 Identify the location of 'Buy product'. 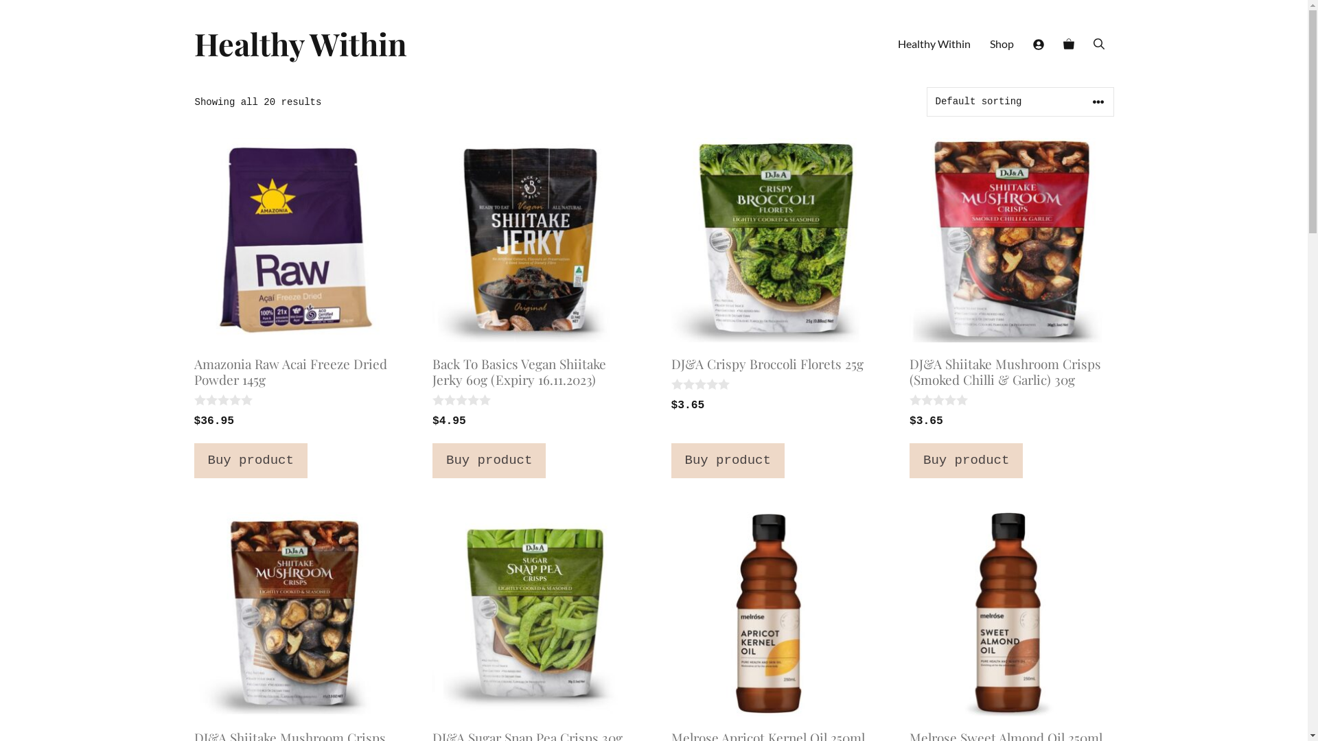
(250, 460).